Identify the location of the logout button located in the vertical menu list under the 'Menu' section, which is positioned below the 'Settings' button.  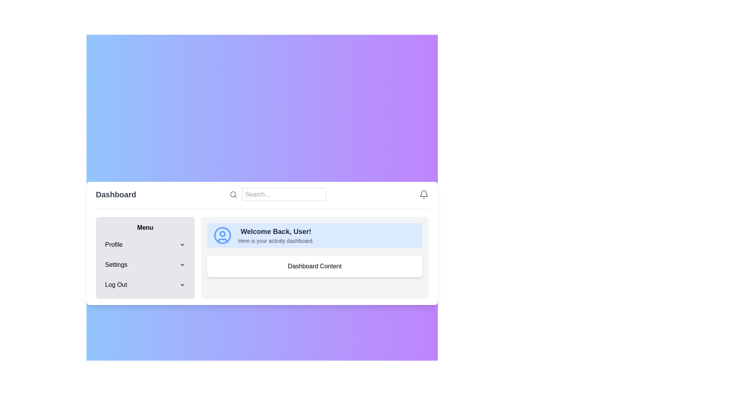
(145, 285).